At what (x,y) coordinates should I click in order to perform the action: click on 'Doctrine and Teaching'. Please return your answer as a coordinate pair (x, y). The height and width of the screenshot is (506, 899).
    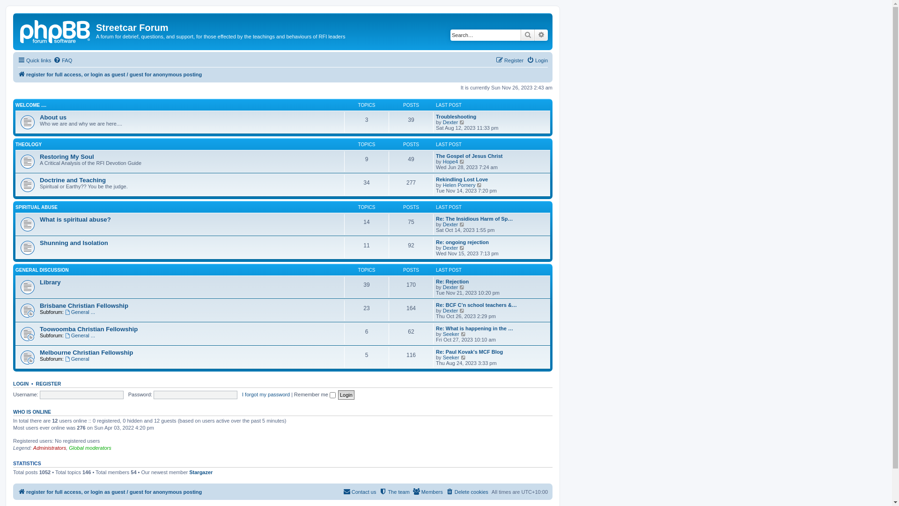
    Looking at the image, I should click on (72, 180).